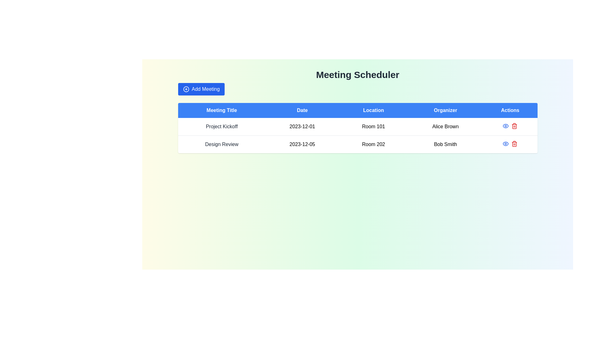 This screenshot has height=337, width=599. What do you see at coordinates (445, 144) in the screenshot?
I see `the table cell displaying 'Bob Smith' in bold, located in the fourth column of the second row under the 'Organizer' header` at bounding box center [445, 144].